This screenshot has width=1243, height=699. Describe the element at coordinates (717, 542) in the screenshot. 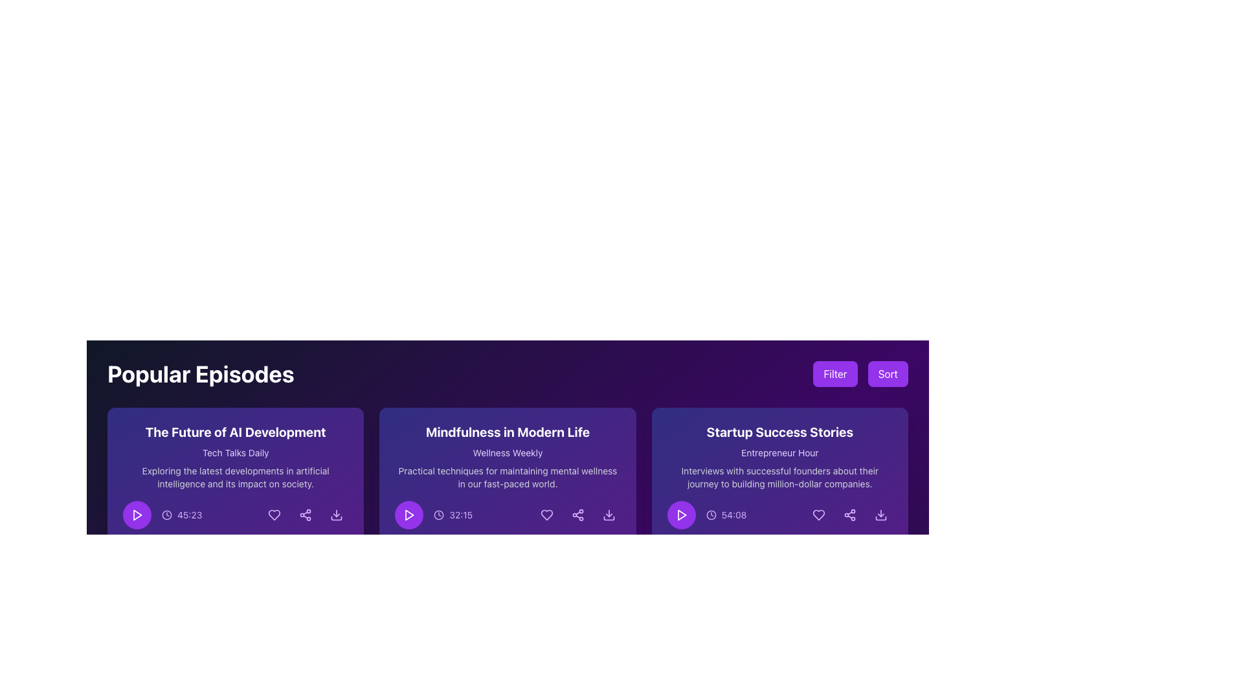

I see `changes in the progress indicator represented as a purple bar with rounded edges located above the timeline icon of the 'Startup Success Stories' card` at that location.